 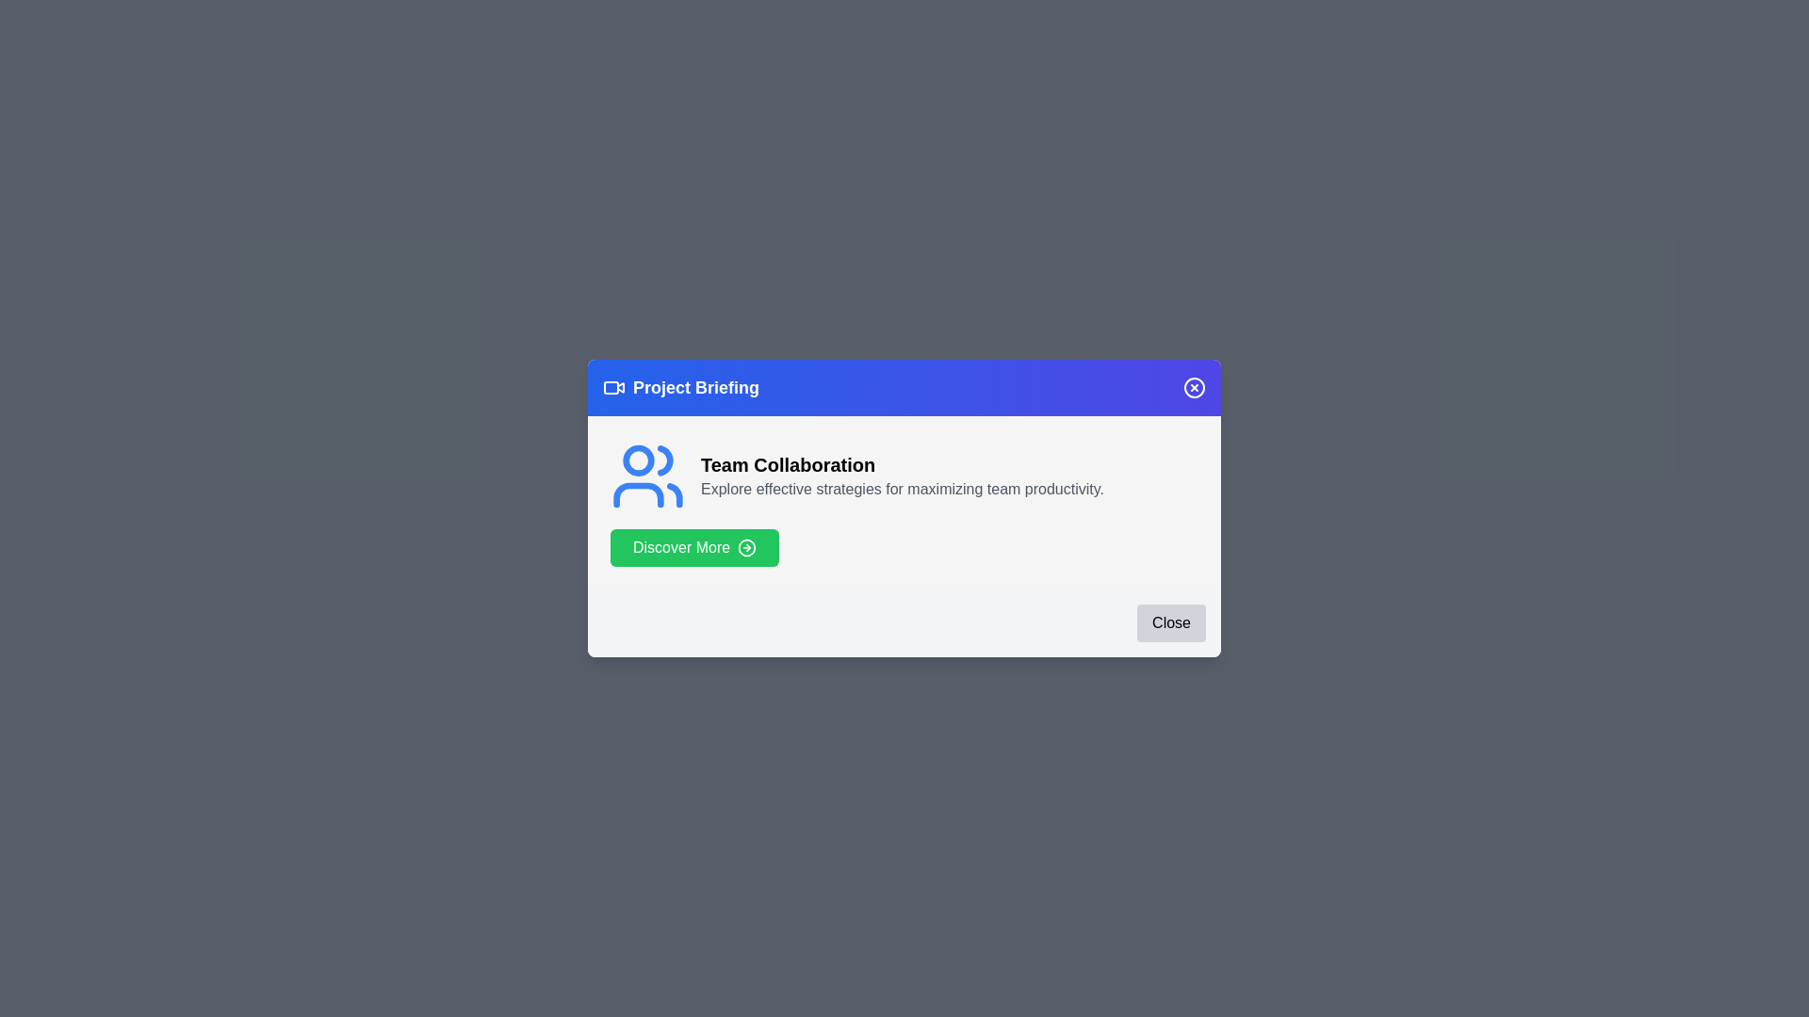 I want to click on the close icon to observe hover effects, so click(x=1193, y=387).